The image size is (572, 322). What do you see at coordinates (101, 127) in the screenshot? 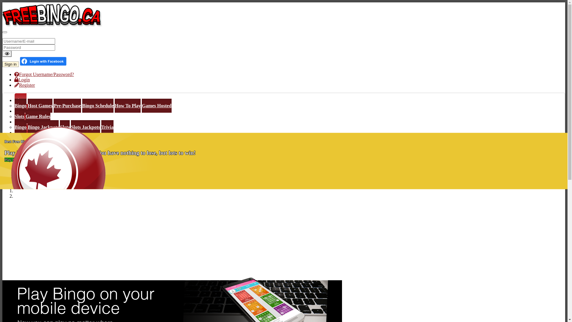
I see `'Trivia'` at bounding box center [101, 127].